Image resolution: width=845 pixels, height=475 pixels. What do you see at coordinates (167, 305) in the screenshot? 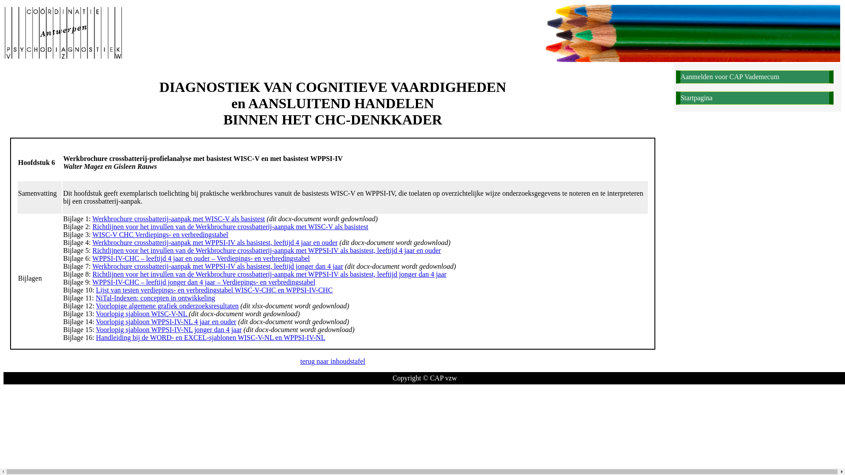
I see `'Voorlopige algemene grafiek onderzoeksresultaten'` at bounding box center [167, 305].